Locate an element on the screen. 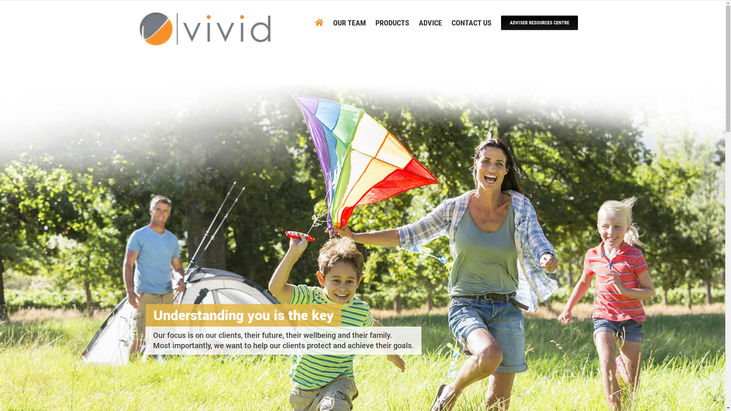 The height and width of the screenshot is (411, 731). 'PRODUCTS' is located at coordinates (392, 22).